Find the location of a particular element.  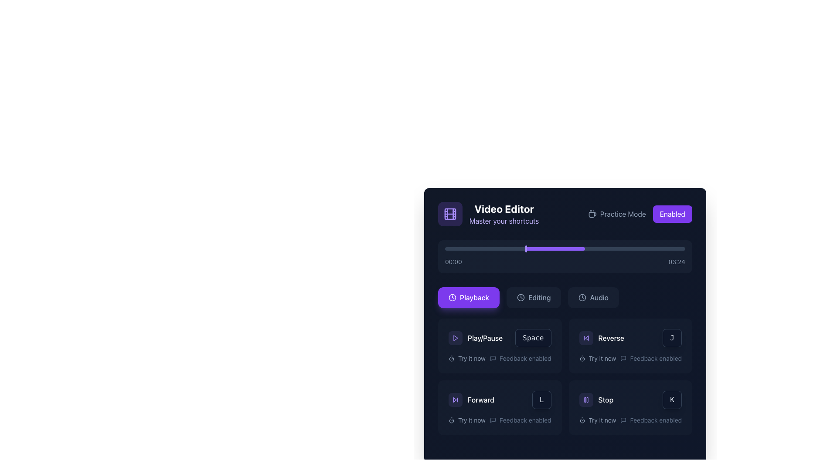

the playback time is located at coordinates (550, 248).